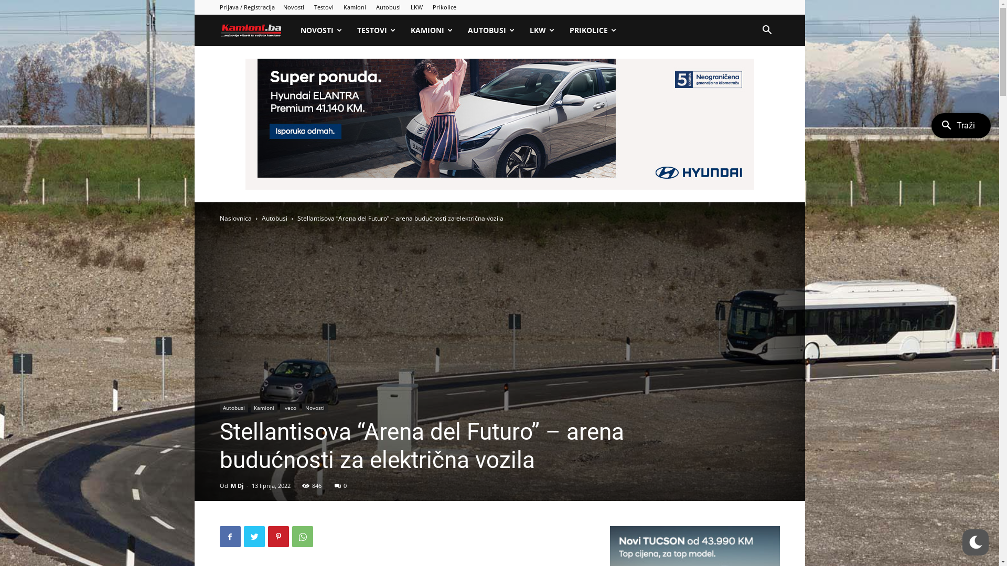 Image resolution: width=1007 pixels, height=566 pixels. What do you see at coordinates (218, 30) in the screenshot?
I see `'Kamioni'` at bounding box center [218, 30].